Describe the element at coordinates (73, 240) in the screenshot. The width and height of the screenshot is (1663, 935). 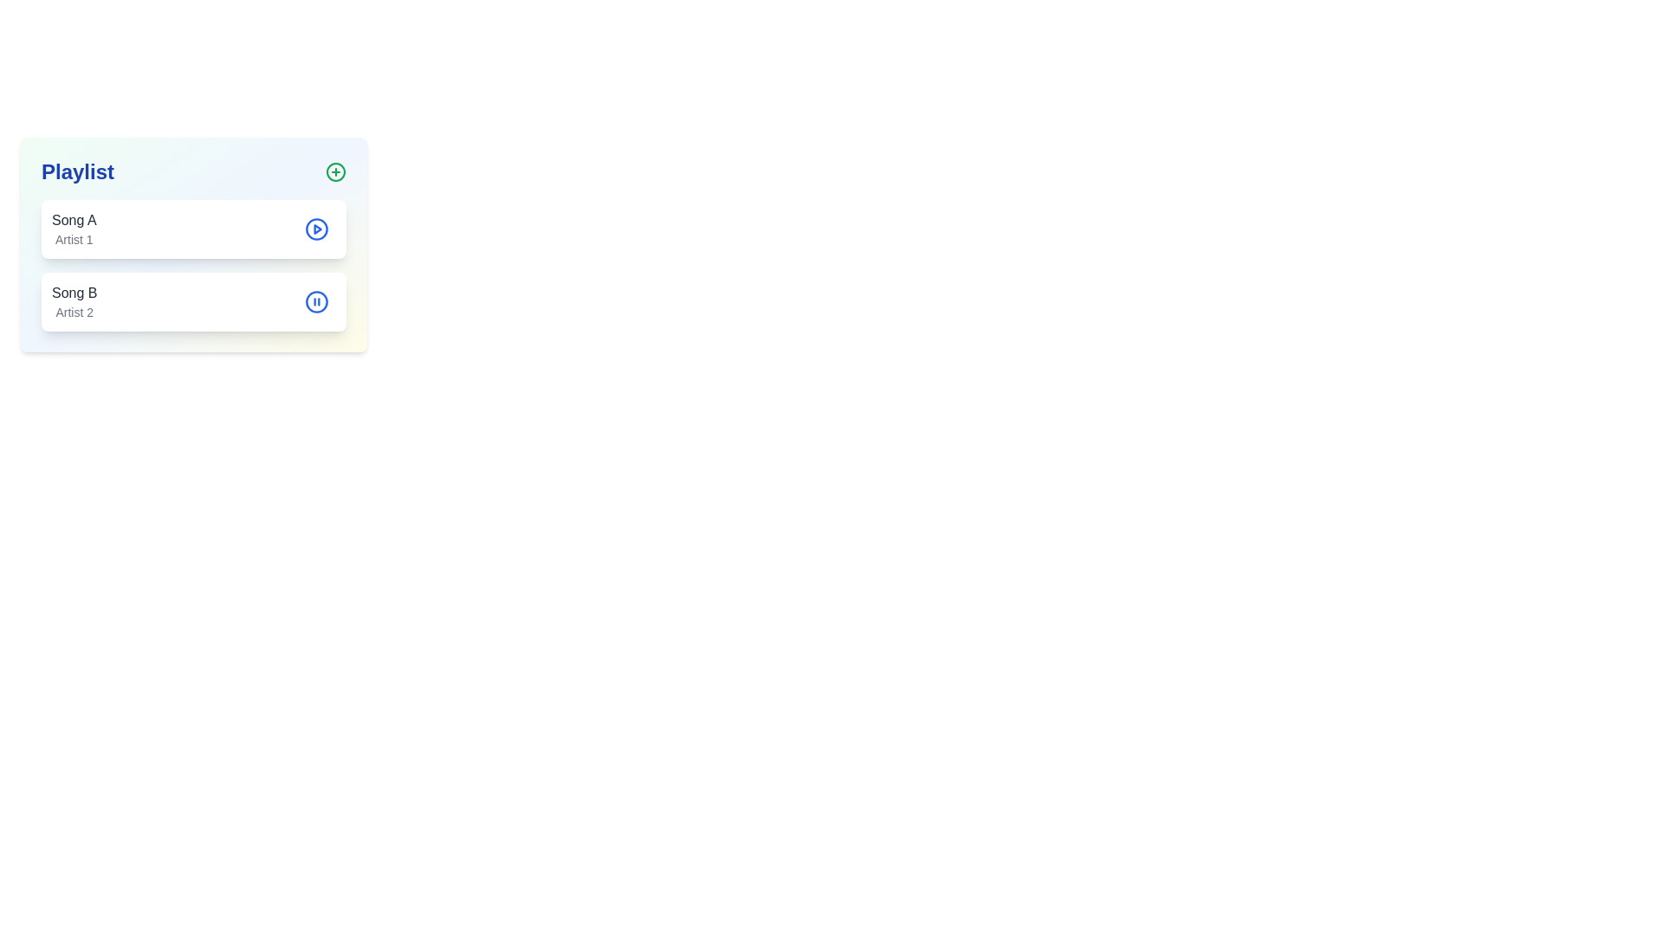
I see `the static text label displaying 'Artist 1' which is located directly below 'Song A' in the playlist interface` at that location.